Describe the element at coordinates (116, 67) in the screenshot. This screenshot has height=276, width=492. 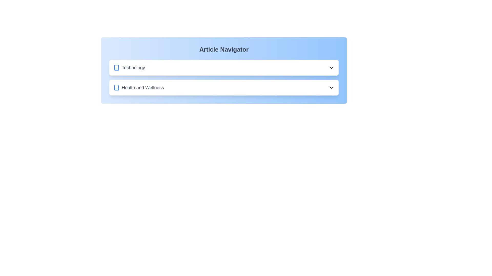
I see `the decorative book icon representing the topic of 'Technology' located in the upper selection box beside the 'Technology' text label in the Article Navigator section` at that location.